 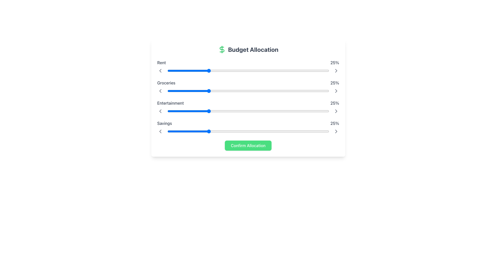 What do you see at coordinates (336, 111) in the screenshot?
I see `the fourth right-pointing chevron icon button, which appears gray and changes to a darker shade when hovered over` at bounding box center [336, 111].